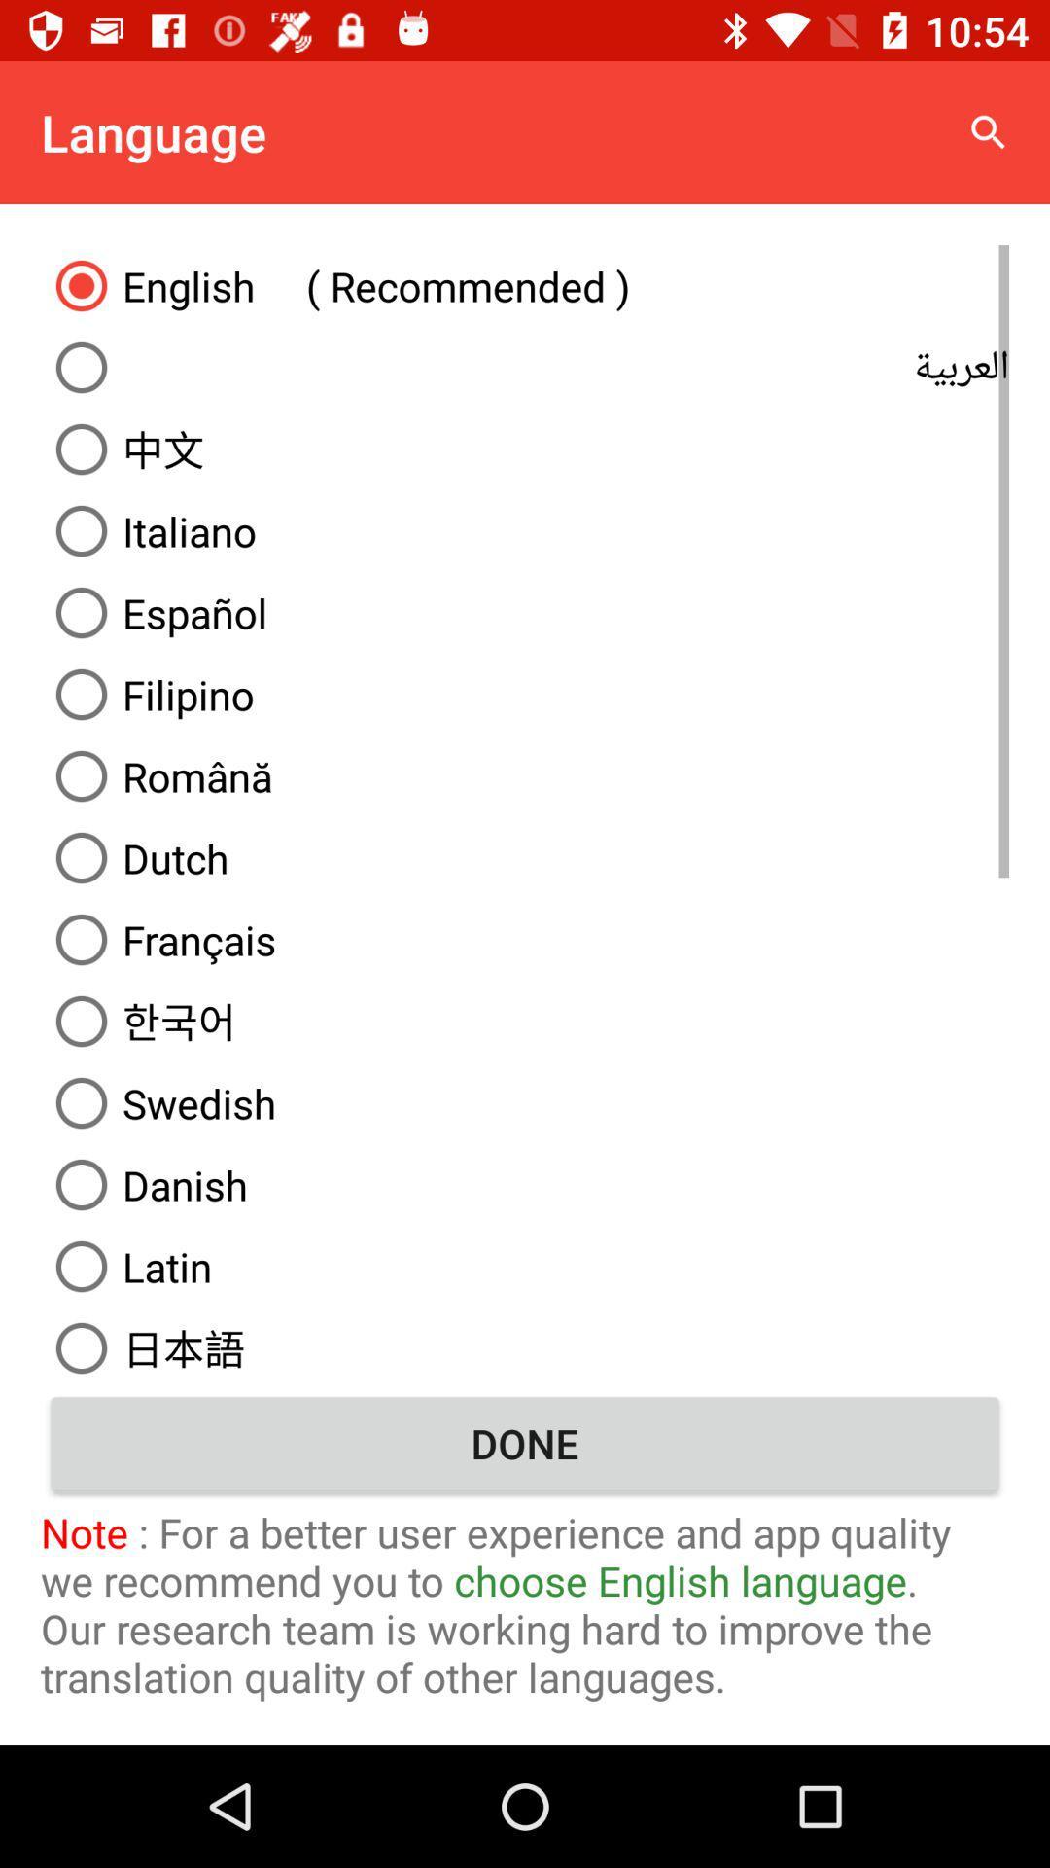 This screenshot has height=1868, width=1050. I want to click on the item above italiano, so click(525, 448).